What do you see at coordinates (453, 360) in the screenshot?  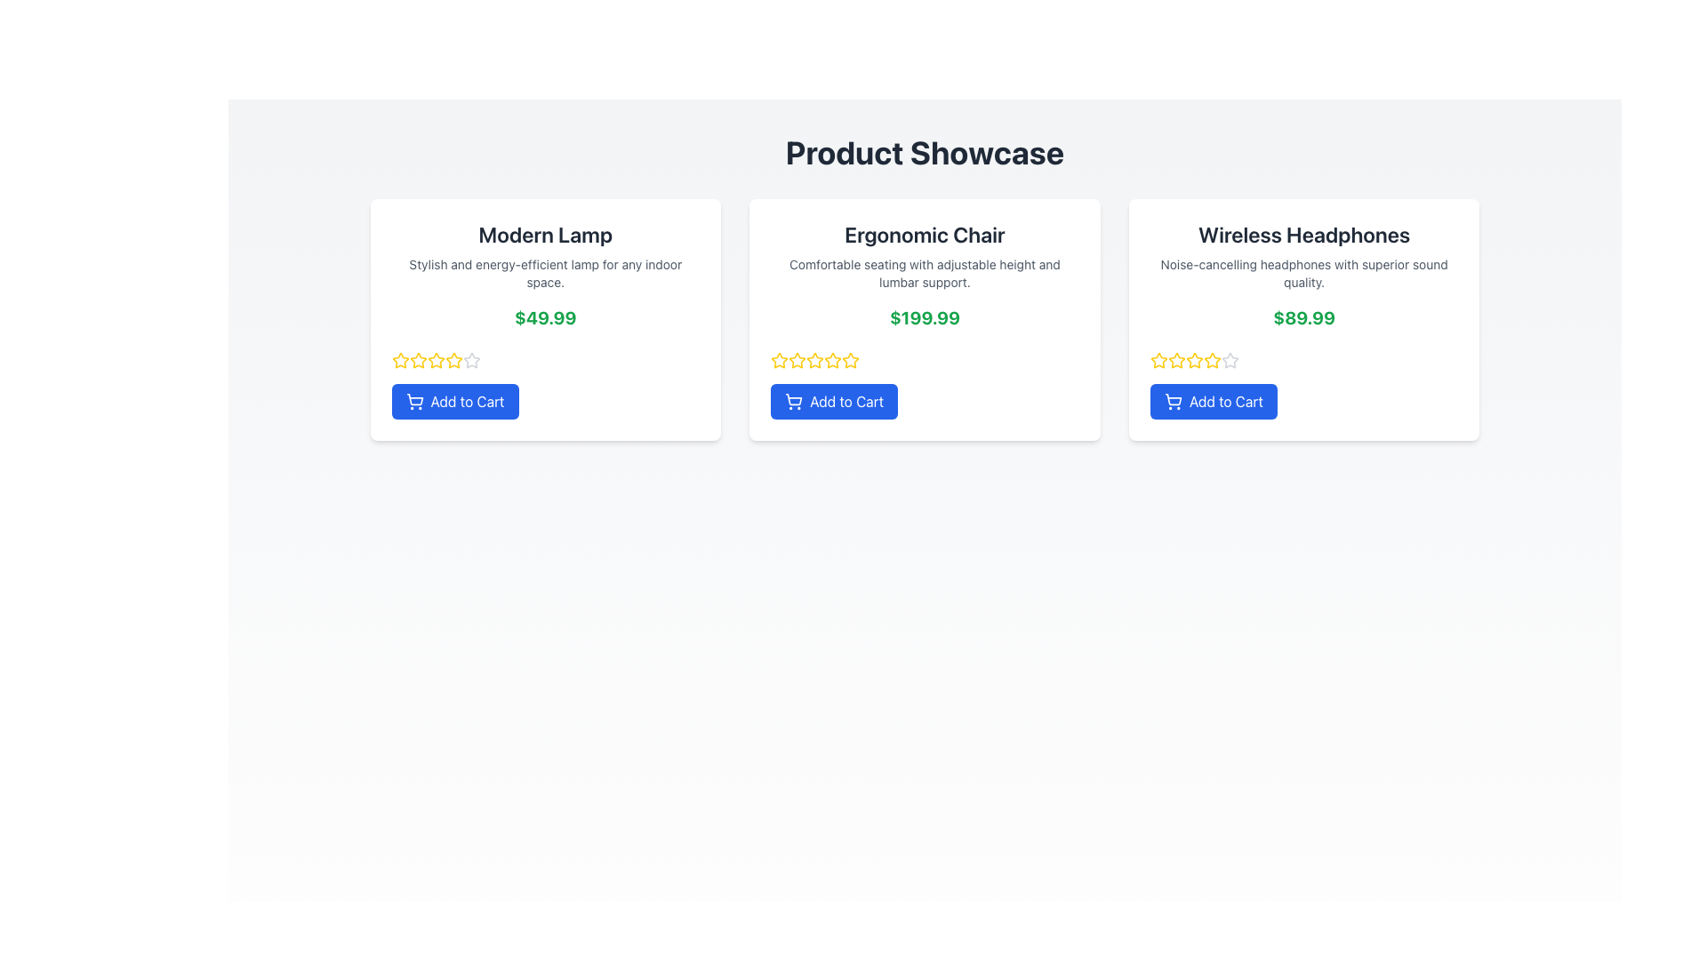 I see `the third star icon in the rating system for the 'Modern Lamp' card, which is filled with gold and outlined, indicating its part of a five-star rating layout` at bounding box center [453, 360].